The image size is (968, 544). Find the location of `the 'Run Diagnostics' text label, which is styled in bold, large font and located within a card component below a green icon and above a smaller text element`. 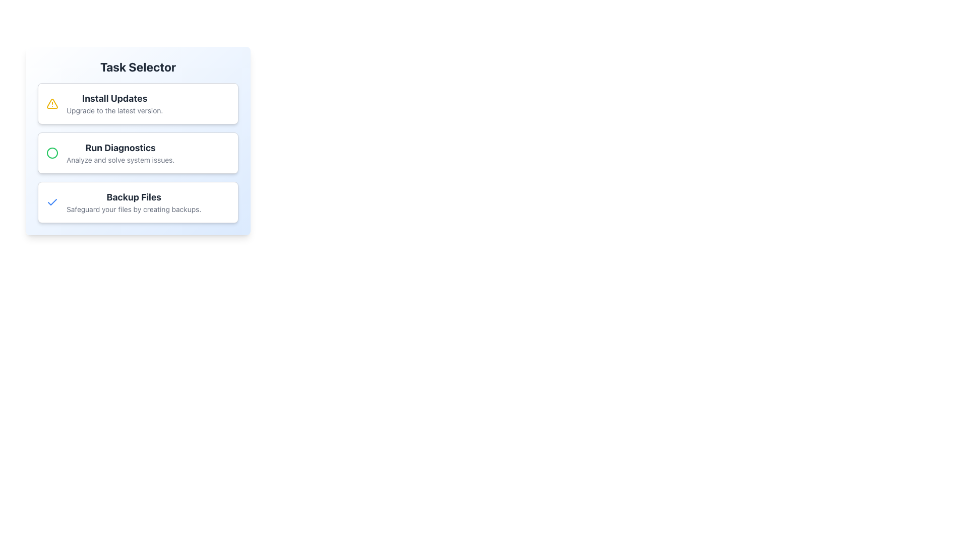

the 'Run Diagnostics' text label, which is styled in bold, large font and located within a card component below a green icon and above a smaller text element is located at coordinates (120, 148).